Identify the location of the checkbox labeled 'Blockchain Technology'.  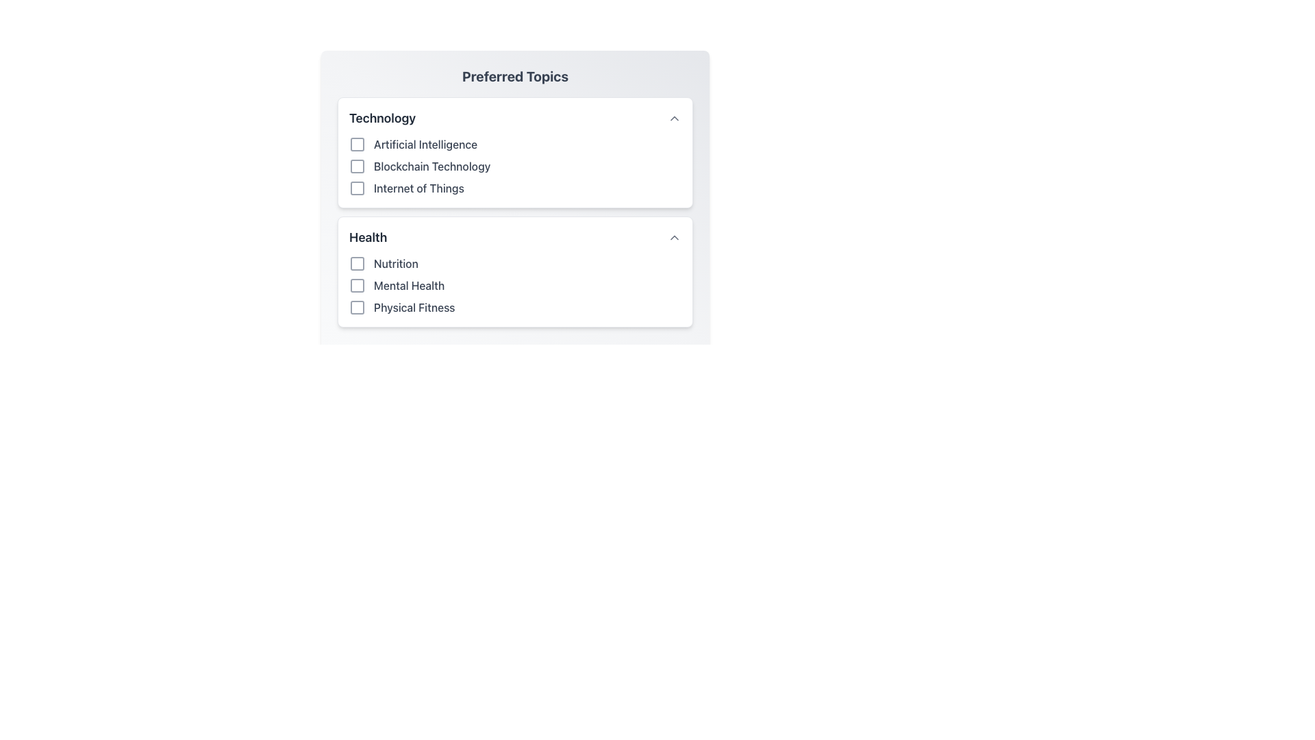
(514, 166).